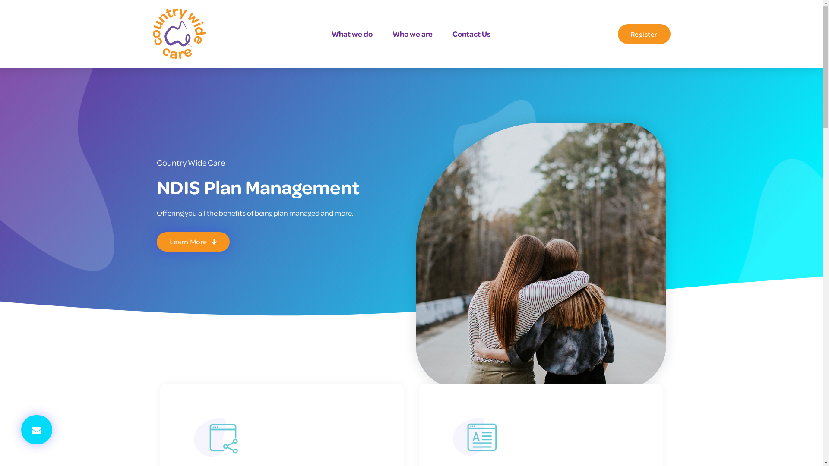 The image size is (829, 466). Describe the element at coordinates (383, 33) in the screenshot. I see `'Who we are'` at that location.